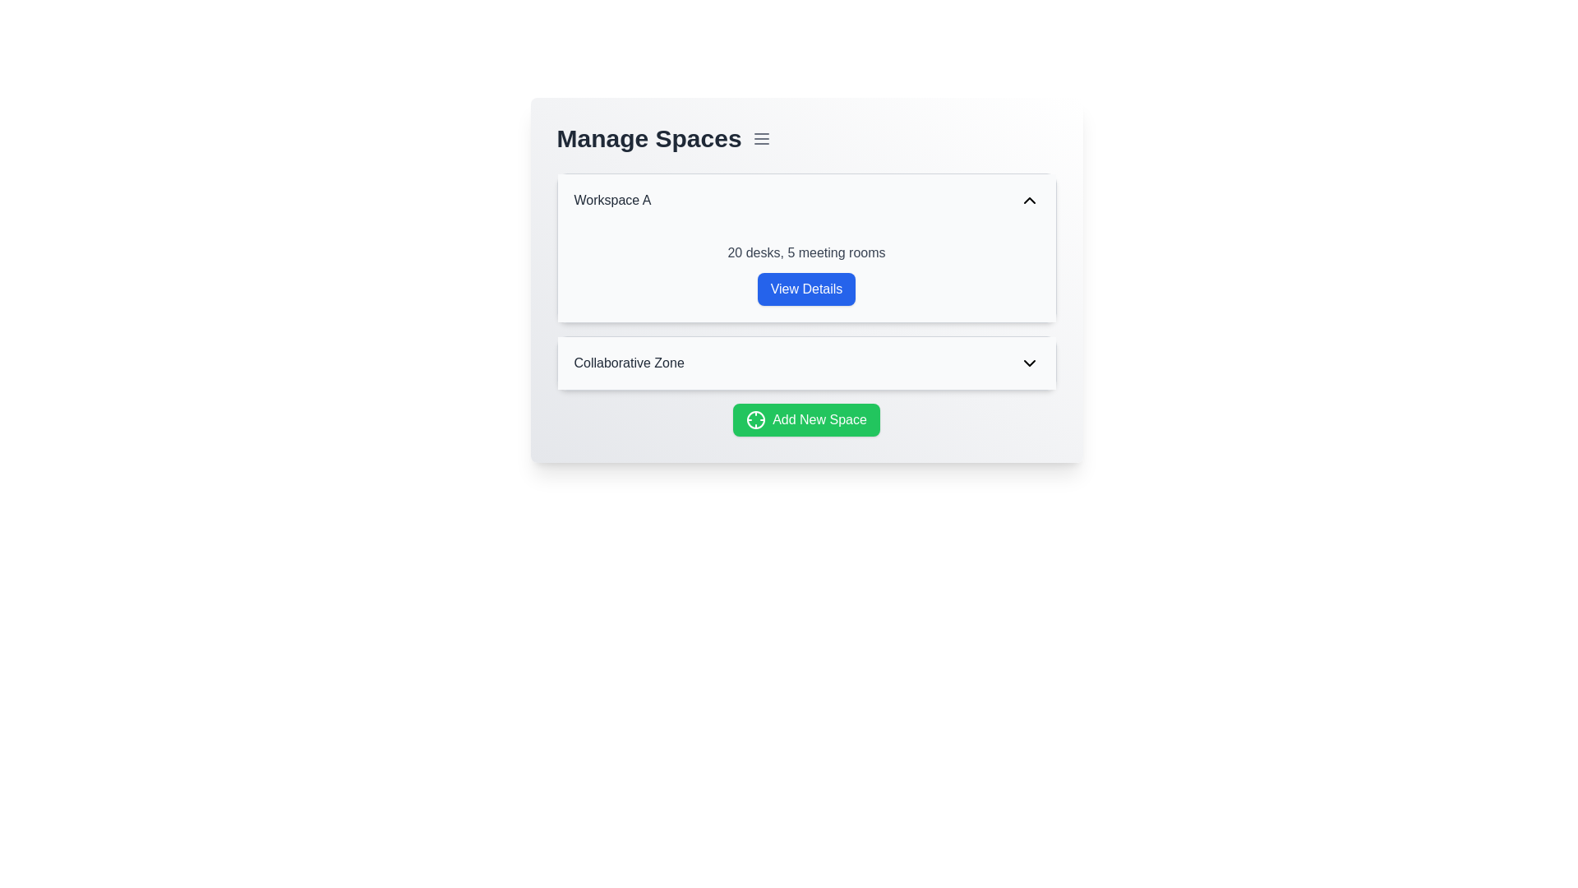  I want to click on the button that provides details about 'Workspace A', so click(806, 279).